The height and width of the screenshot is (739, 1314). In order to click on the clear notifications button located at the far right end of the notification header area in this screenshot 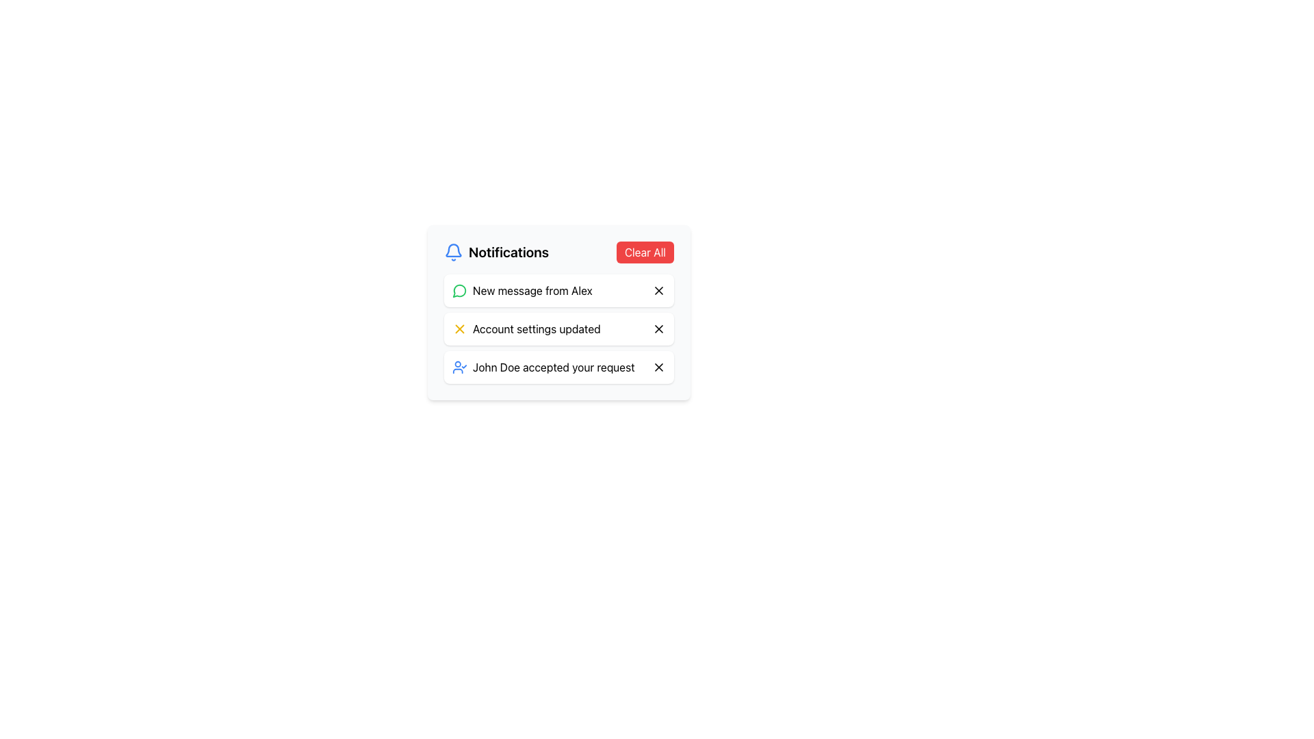, I will do `click(644, 252)`.